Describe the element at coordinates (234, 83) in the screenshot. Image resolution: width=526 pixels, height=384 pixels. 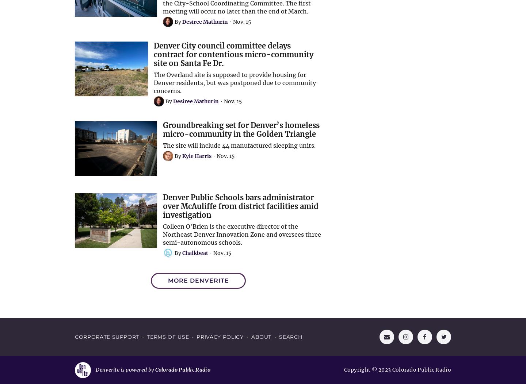
I see `'The Overland site is supposed to provide housing for Denver residents, but was postponed due to community concerns.'` at that location.